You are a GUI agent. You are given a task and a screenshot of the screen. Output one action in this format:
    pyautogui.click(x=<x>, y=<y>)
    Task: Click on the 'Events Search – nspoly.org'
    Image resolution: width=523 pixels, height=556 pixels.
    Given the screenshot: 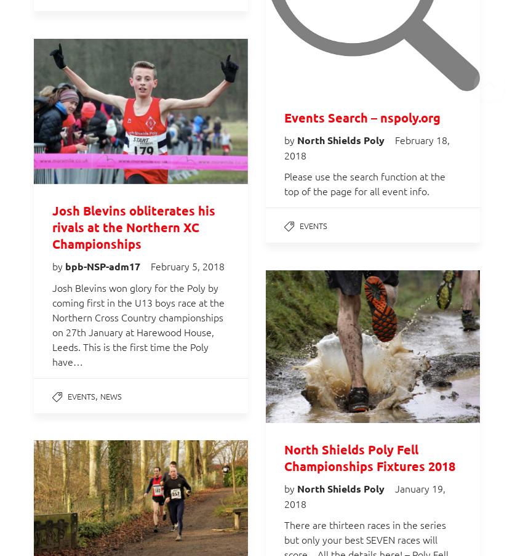 What is the action you would take?
    pyautogui.click(x=362, y=116)
    